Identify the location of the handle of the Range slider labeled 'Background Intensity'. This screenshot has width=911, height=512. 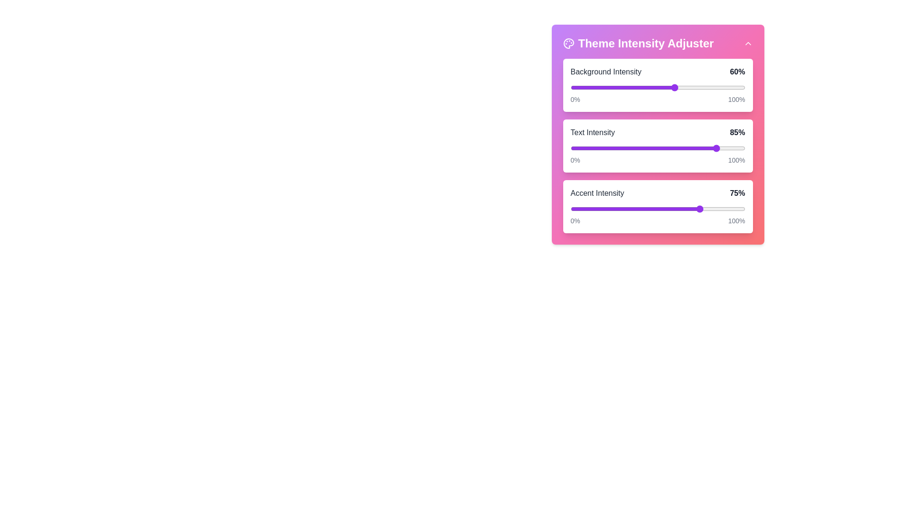
(657, 88).